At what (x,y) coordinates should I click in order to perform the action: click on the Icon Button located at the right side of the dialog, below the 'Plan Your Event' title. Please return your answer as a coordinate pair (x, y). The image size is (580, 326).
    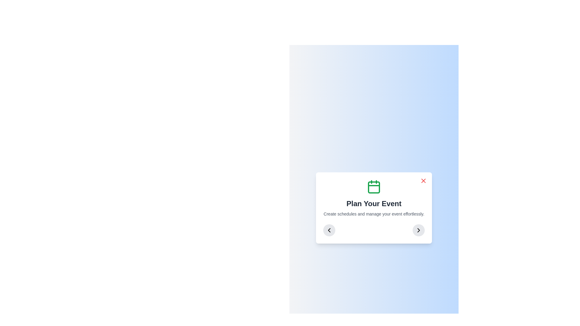
    Looking at the image, I should click on (418, 230).